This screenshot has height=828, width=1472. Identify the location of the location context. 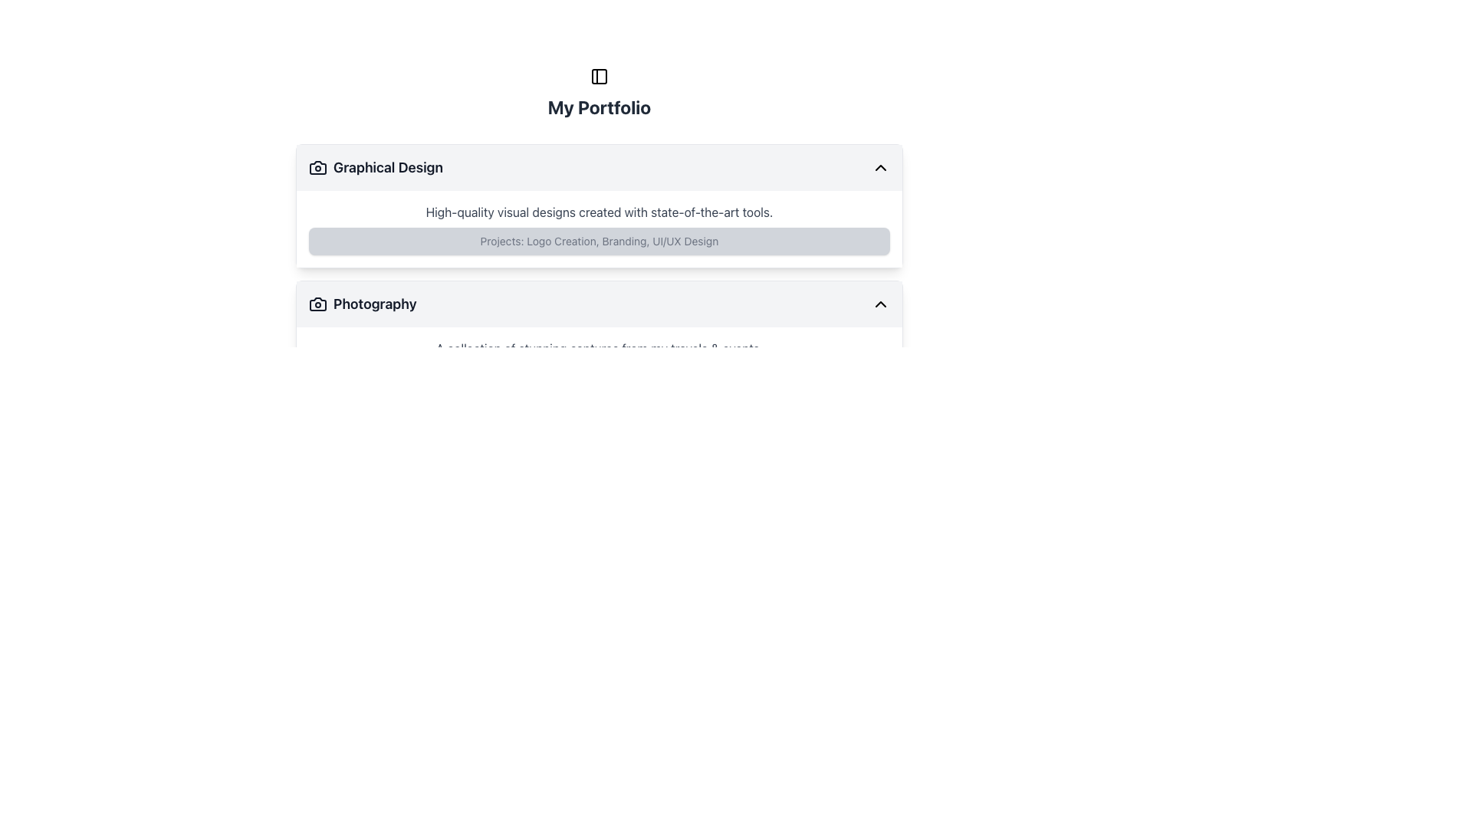
(599, 94).